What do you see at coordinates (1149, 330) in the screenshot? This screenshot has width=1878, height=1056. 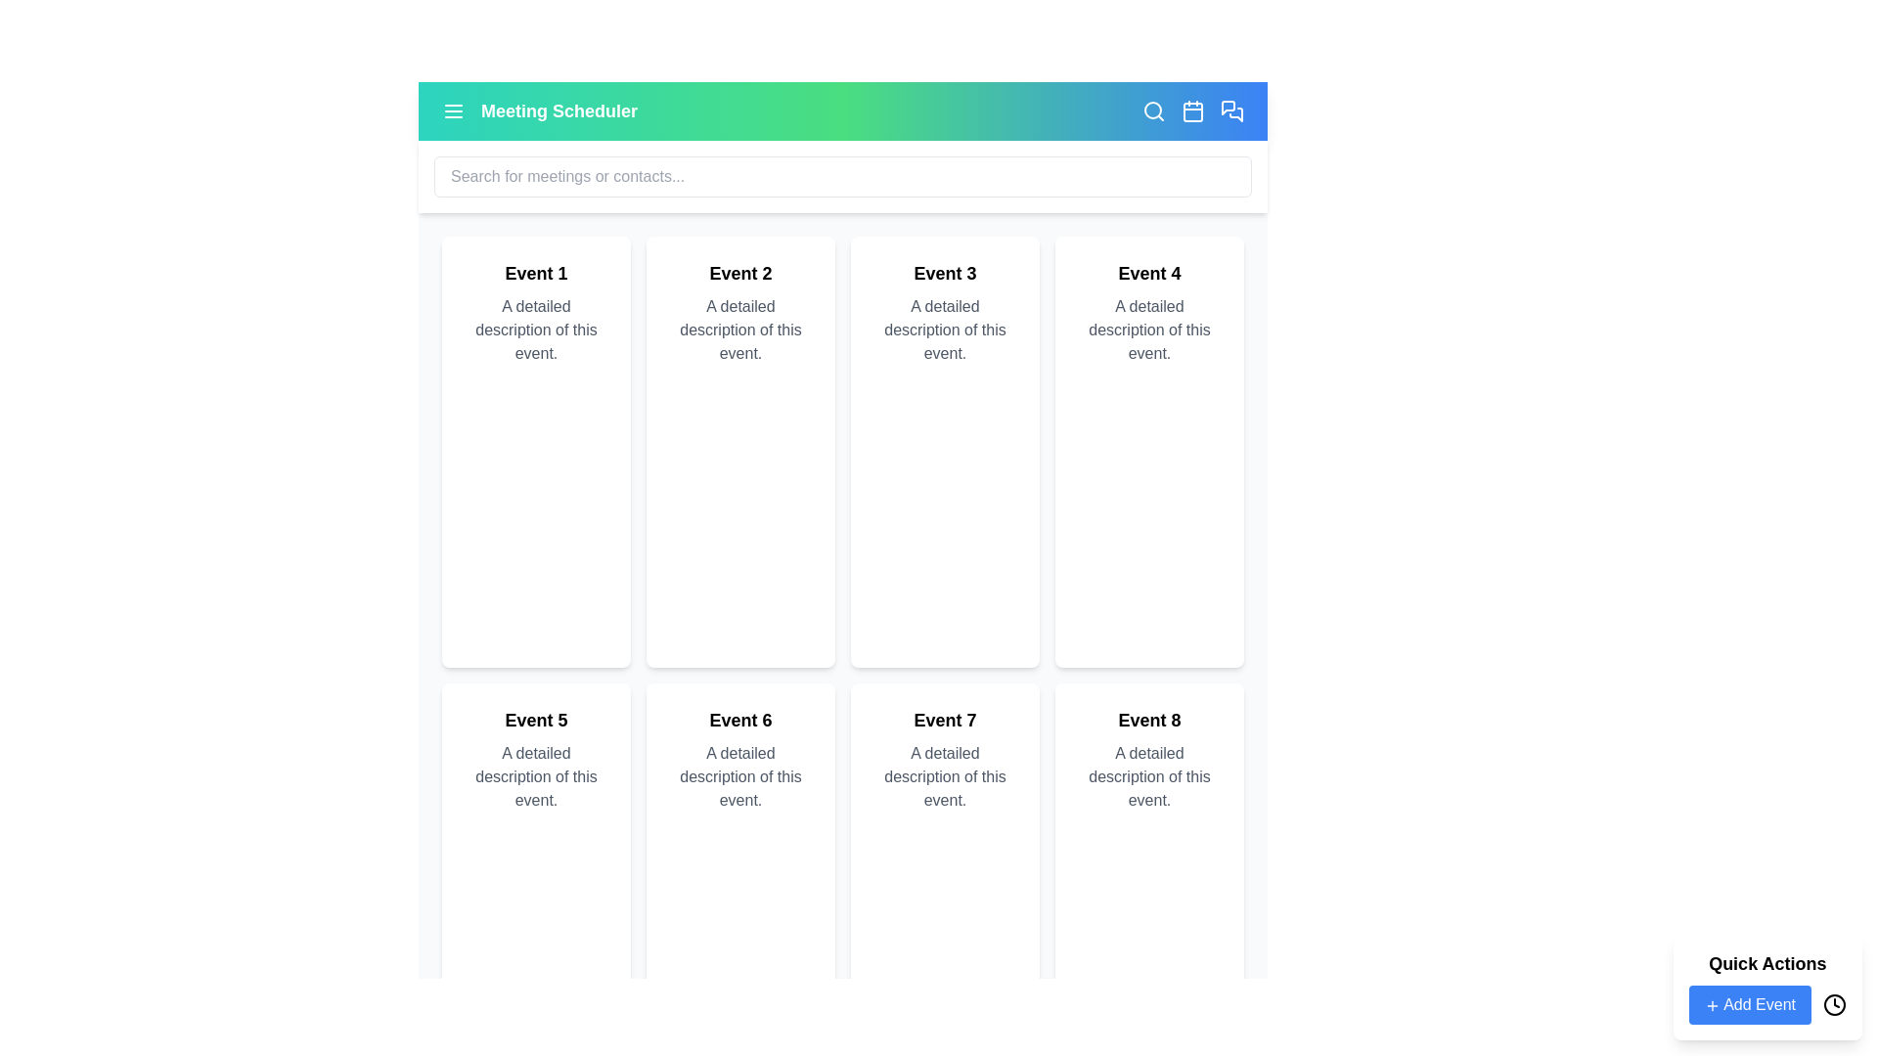 I see `text that states 'A detailed description of this event.' located beneath the title in the card labeled 'Event 4'` at bounding box center [1149, 330].